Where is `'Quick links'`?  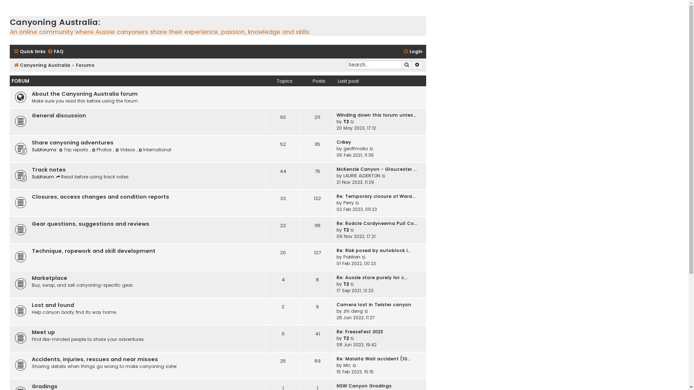 'Quick links' is located at coordinates (29, 51).